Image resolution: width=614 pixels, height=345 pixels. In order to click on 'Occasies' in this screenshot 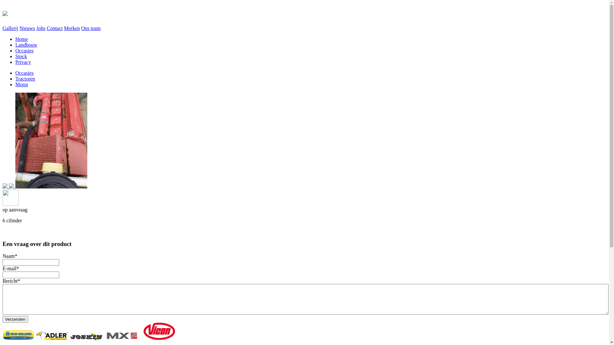, I will do `click(24, 50)`.